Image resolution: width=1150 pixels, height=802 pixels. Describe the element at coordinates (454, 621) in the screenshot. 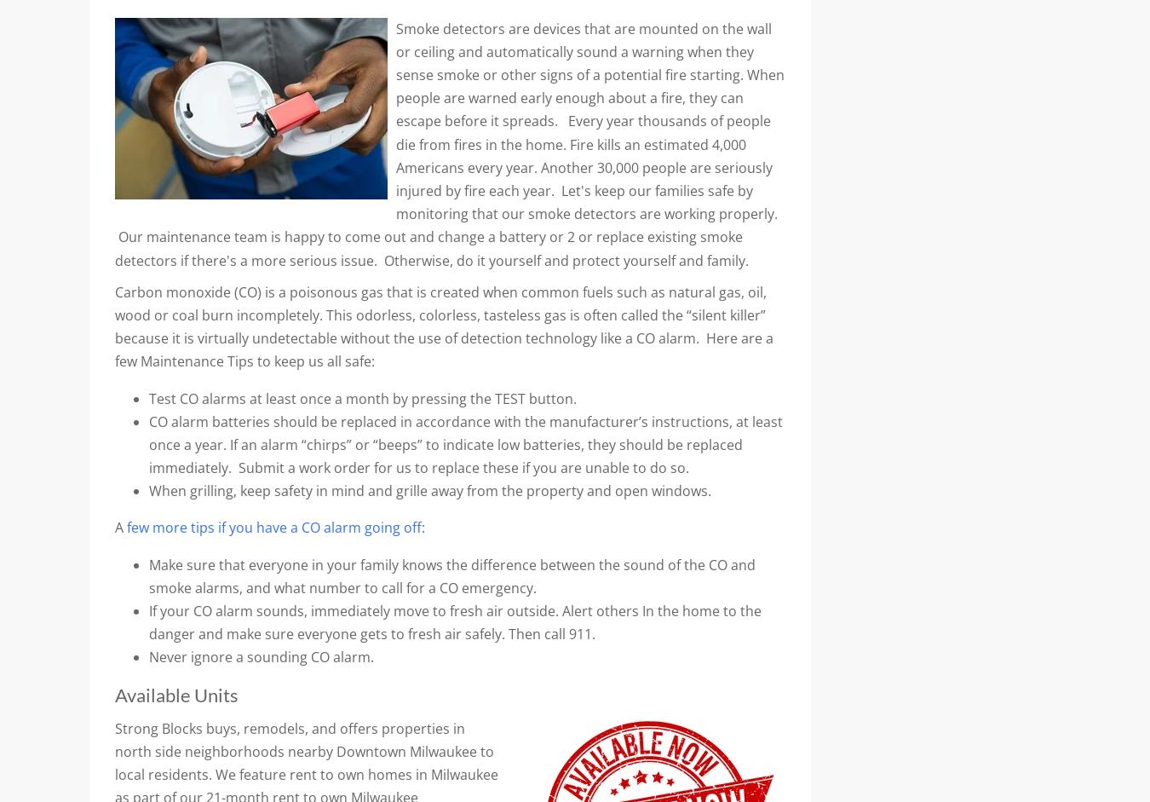

I see `'If your CO alarm sounds, immediately move to fresh air outside. Alert others In the home to the danger and make sure everyone gets to fresh air safely. Then call 911.'` at that location.